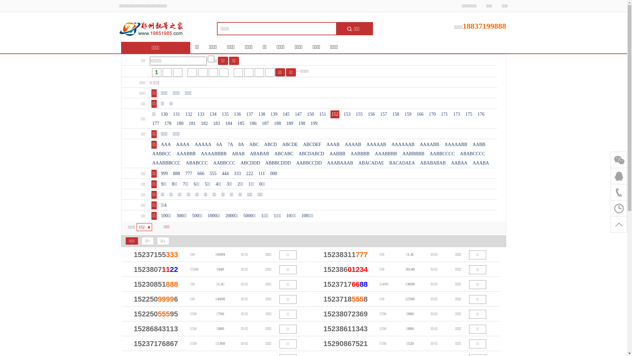  I want to click on 'AABBCCCC', so click(442, 154).